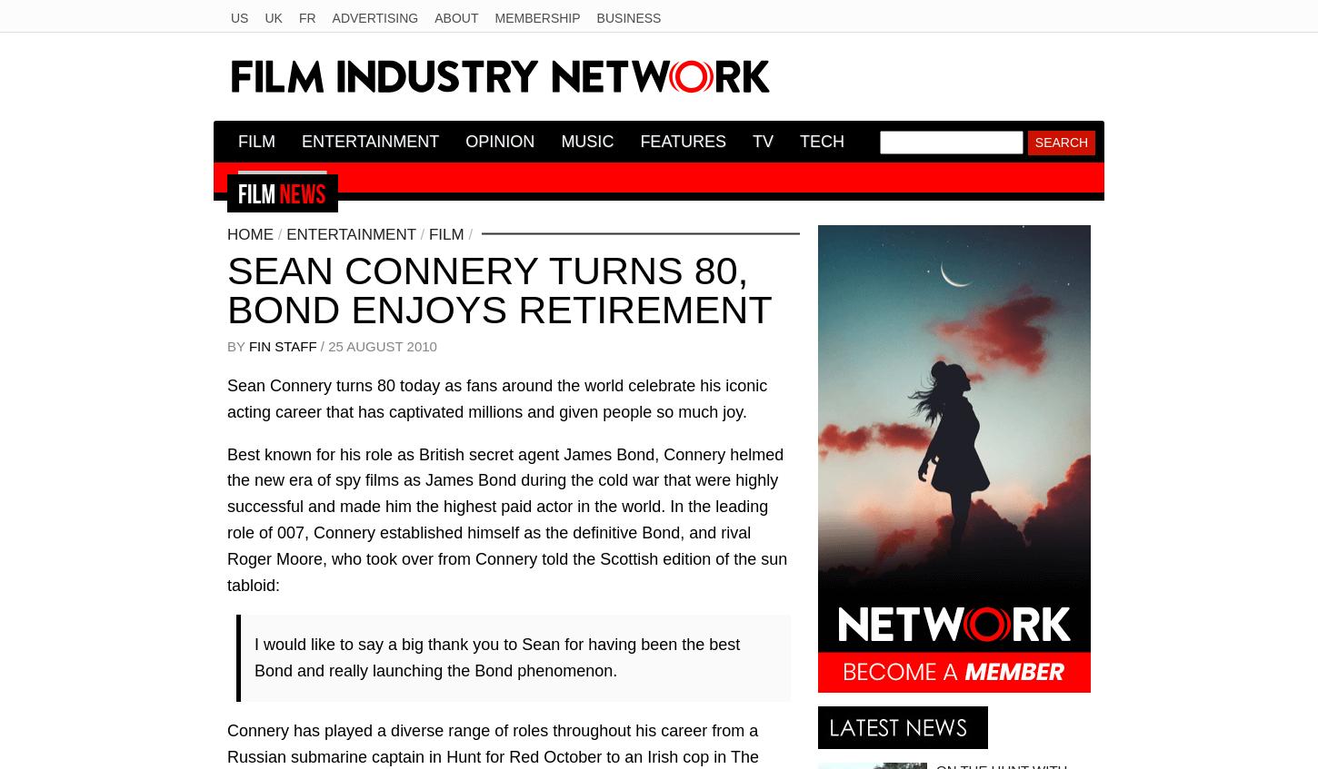 Image resolution: width=1318 pixels, height=769 pixels. What do you see at coordinates (237, 344) in the screenshot?
I see `'By'` at bounding box center [237, 344].